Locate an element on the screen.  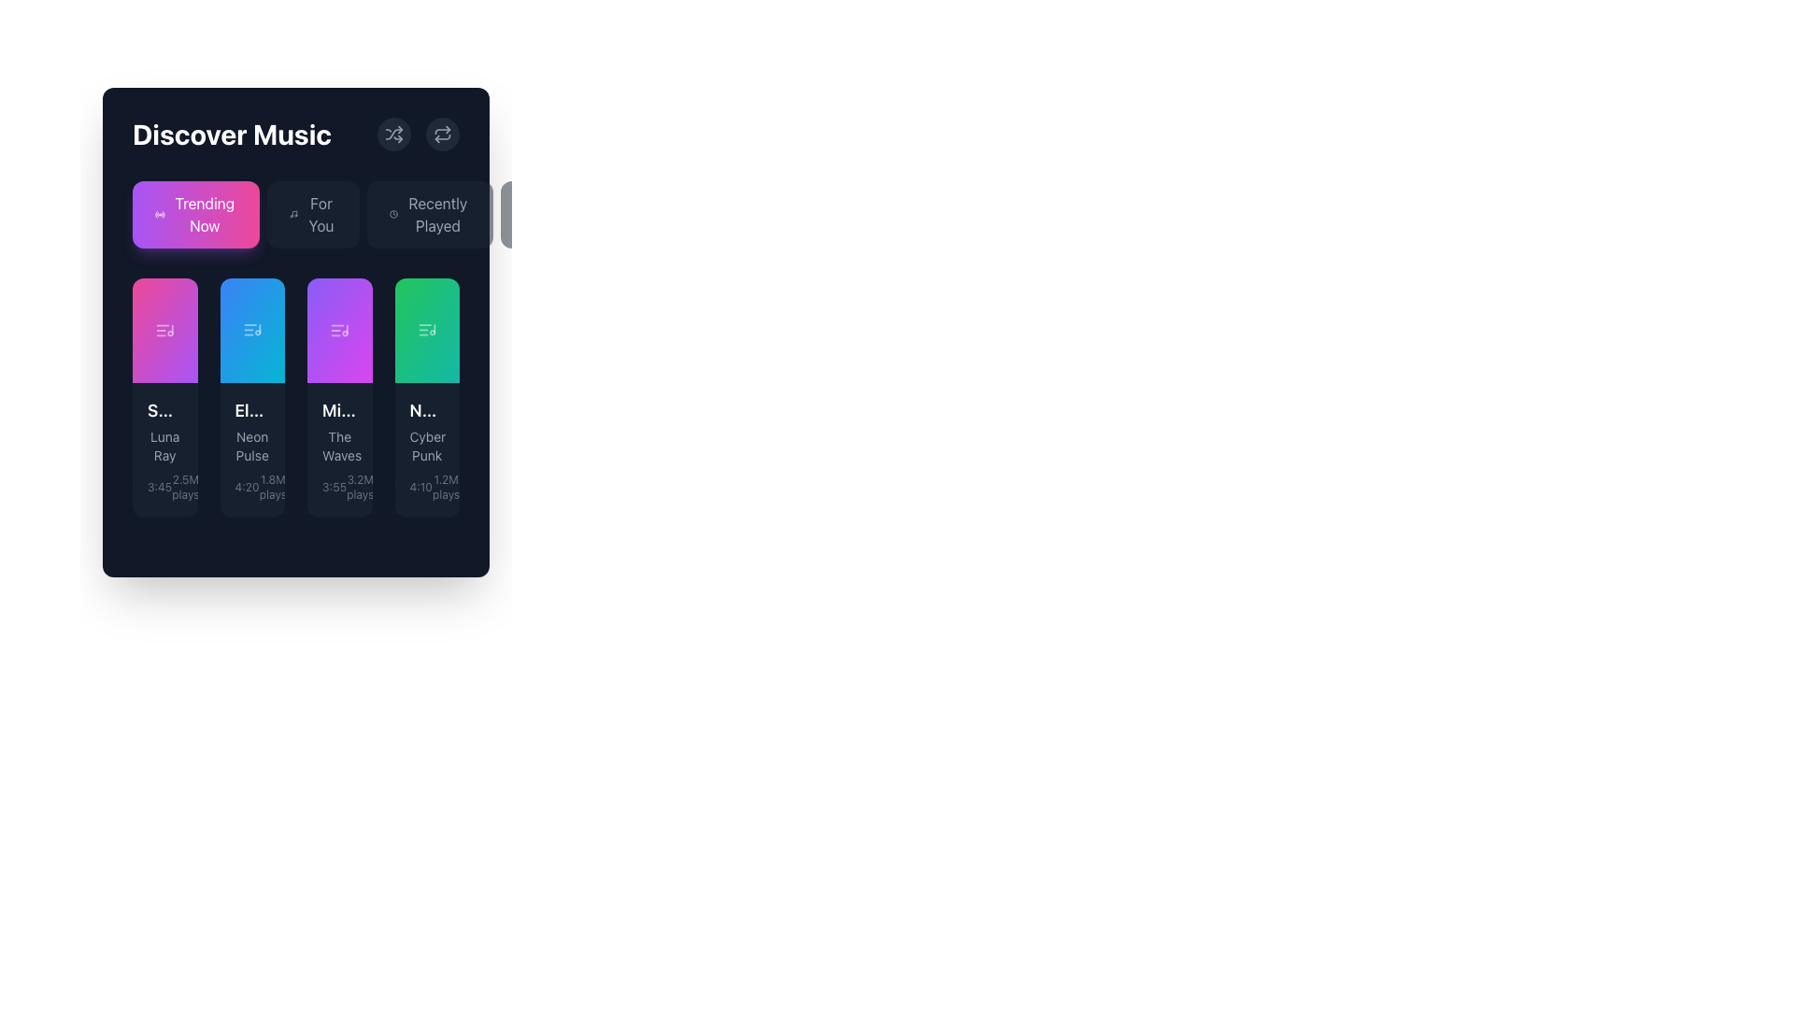
the text content block element displaying 'Electric Dreams', 'Neon Pulse', and '4:20' with '1.8M plays' in the second music card is located at coordinates (251, 450).